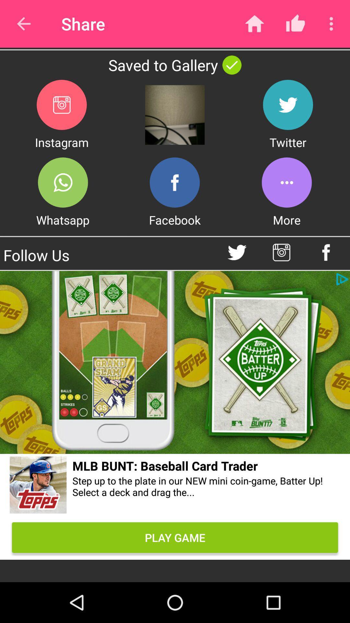 Image resolution: width=350 pixels, height=623 pixels. Describe the element at coordinates (286, 182) in the screenshot. I see `the more icon` at that location.